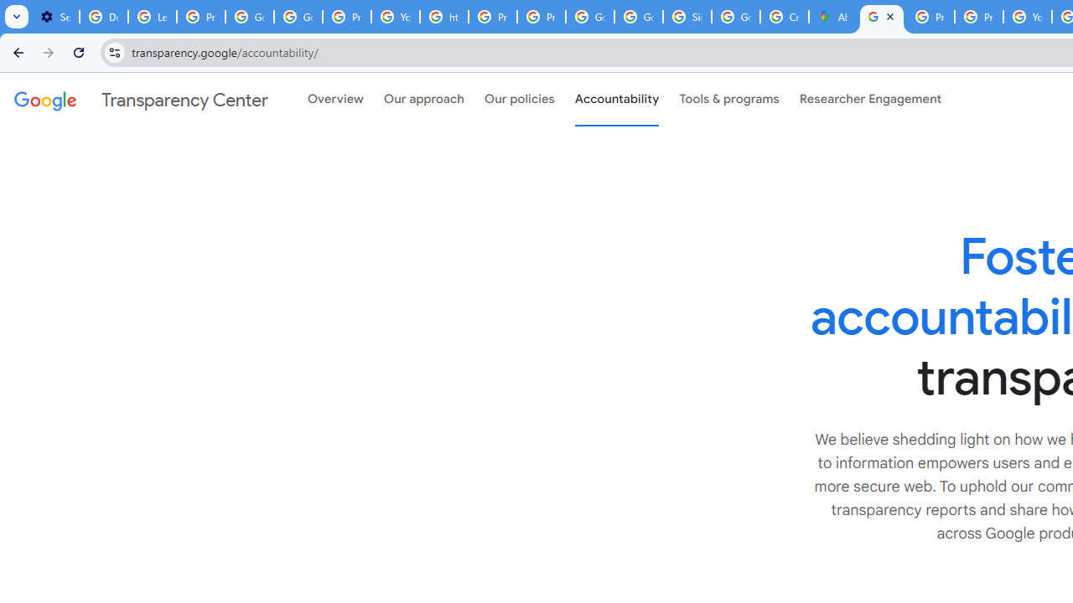 Image resolution: width=1073 pixels, height=603 pixels. What do you see at coordinates (54, 17) in the screenshot?
I see `'Settings - On startup'` at bounding box center [54, 17].